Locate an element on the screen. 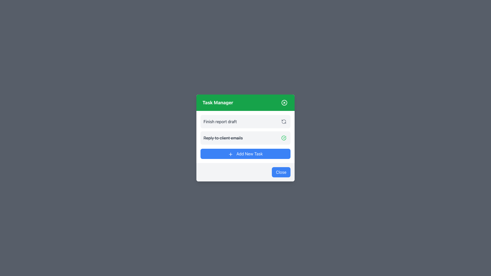 Image resolution: width=491 pixels, height=276 pixels. the 'Add New Task' button with a vibrant blue background and white text is located at coordinates (245, 153).